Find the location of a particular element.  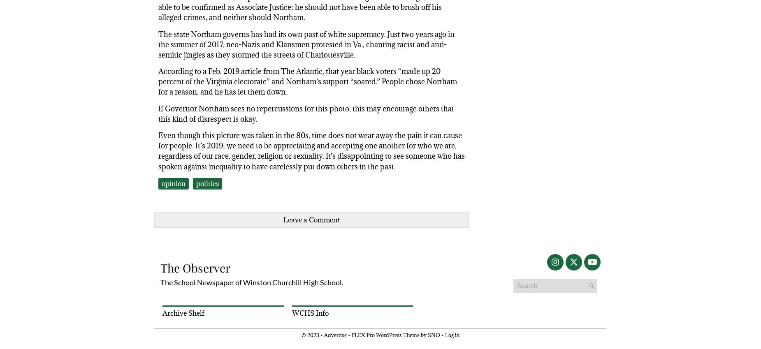

'The state Northam governs has had its own past of white supremacy. Just two years ago in the summer of 2017, neo-Nazis and Klansmen protested in Va., chanting racist and anti-semitic jingles as they stormed the streets of Charlottesville.' is located at coordinates (158, 44).